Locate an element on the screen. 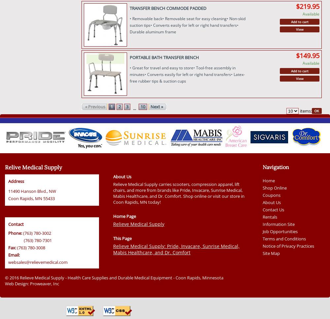 The width and height of the screenshot is (330, 319). '2' is located at coordinates (119, 106).